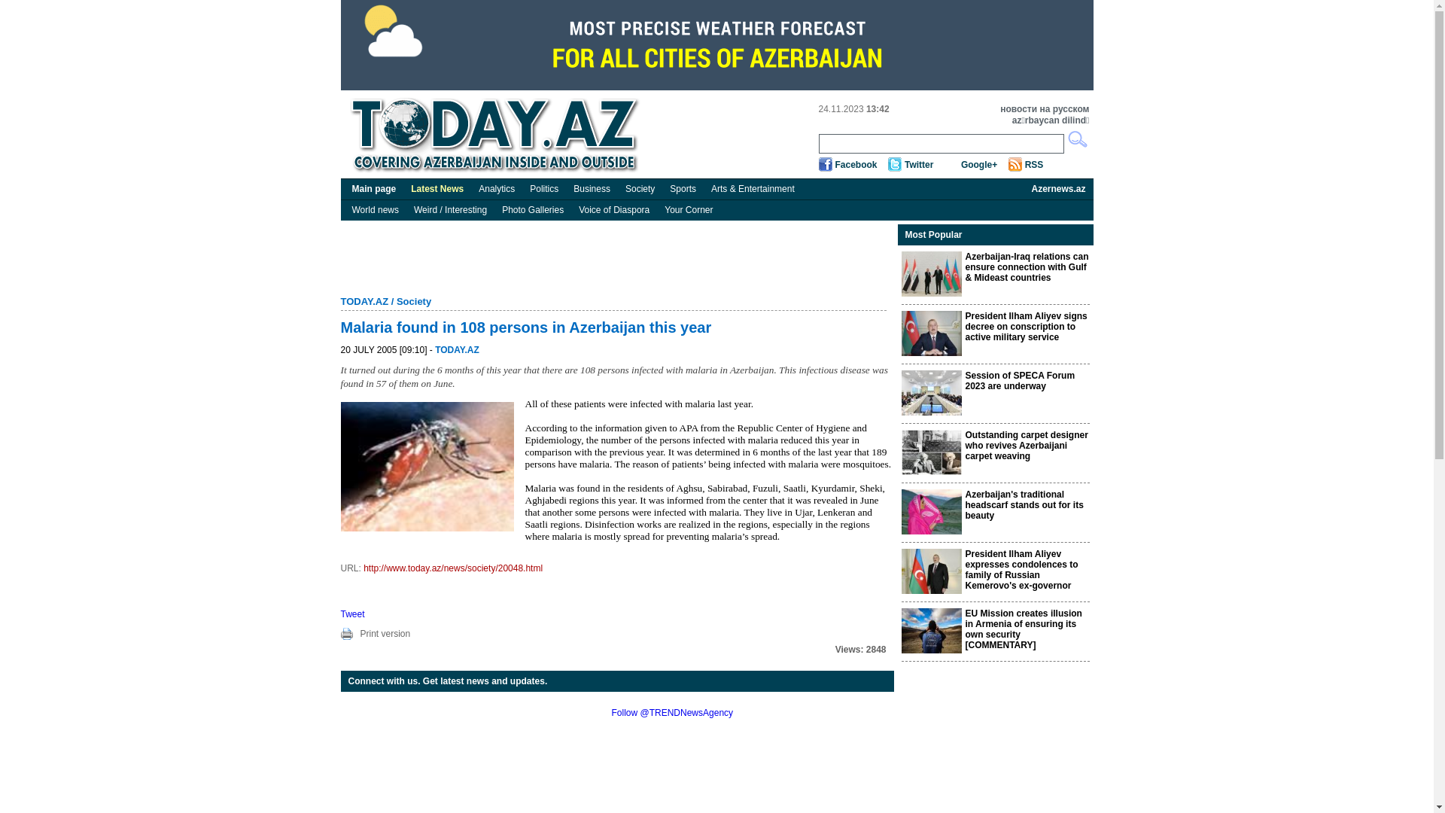  What do you see at coordinates (1019, 379) in the screenshot?
I see `'Session of SPECA Forum 2023 are underway'` at bounding box center [1019, 379].